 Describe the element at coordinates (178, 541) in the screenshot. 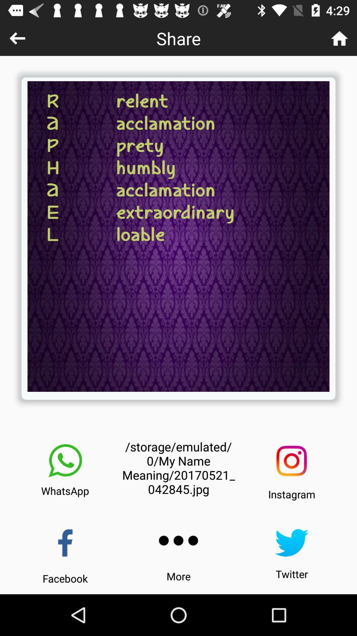

I see `more options selection` at that location.